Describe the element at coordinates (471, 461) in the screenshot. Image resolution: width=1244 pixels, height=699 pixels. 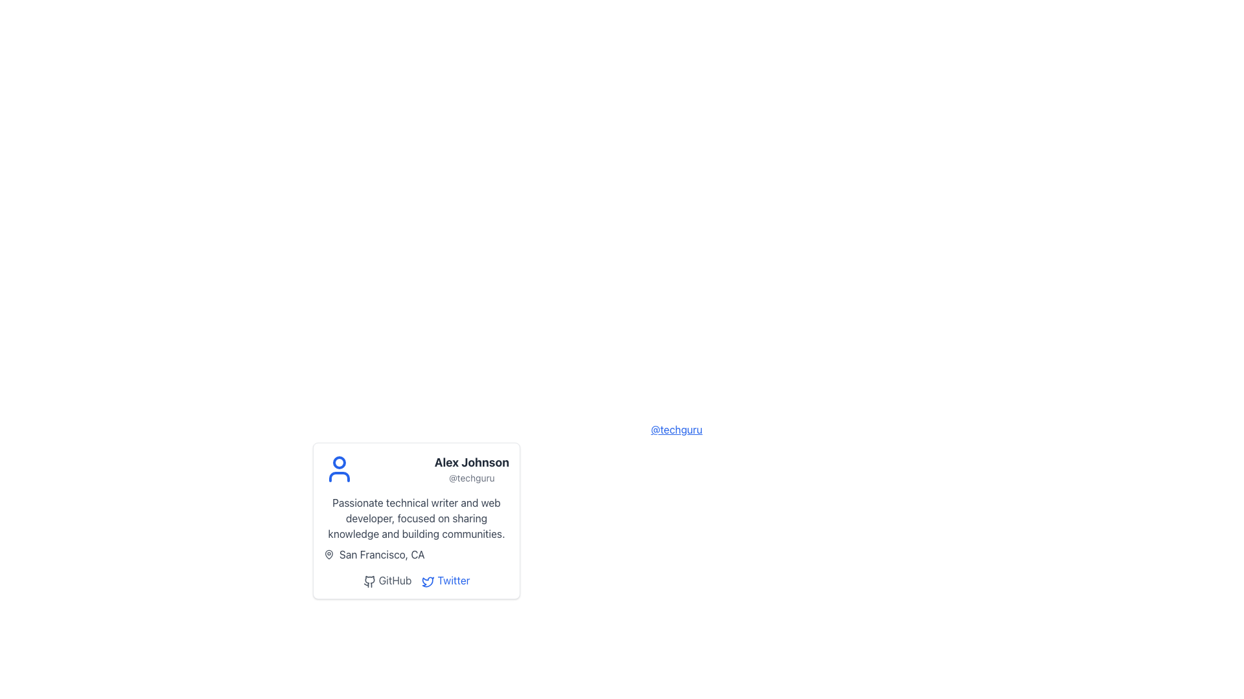
I see `text content of the bold, large-sized text label 'Alex Johnson' located in the user profile card layout, positioned above the username '@techguru'` at that location.